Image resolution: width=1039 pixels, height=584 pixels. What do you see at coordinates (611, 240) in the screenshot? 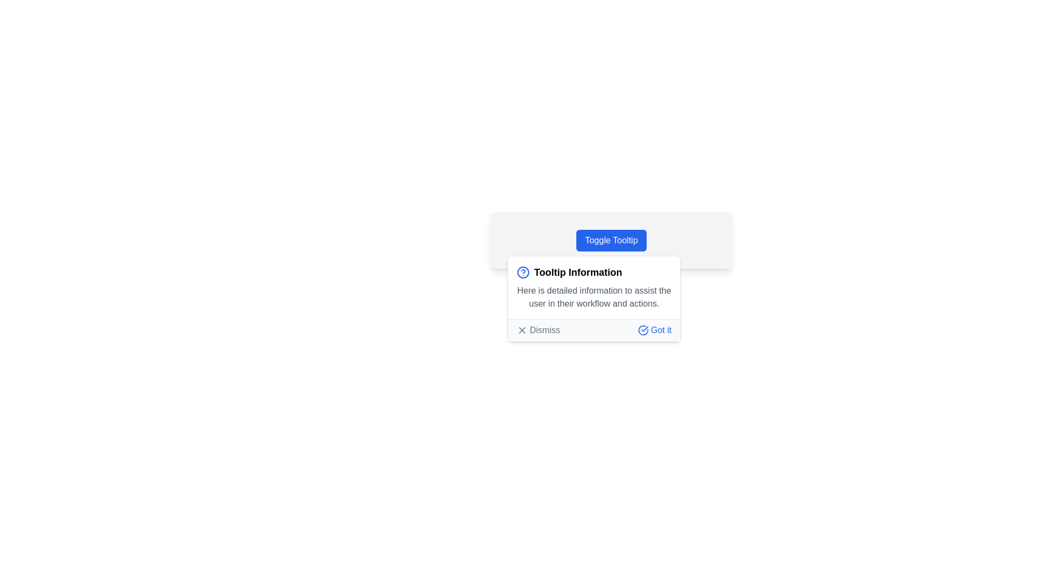
I see `the toggle button located near the top center of the viewport` at bounding box center [611, 240].